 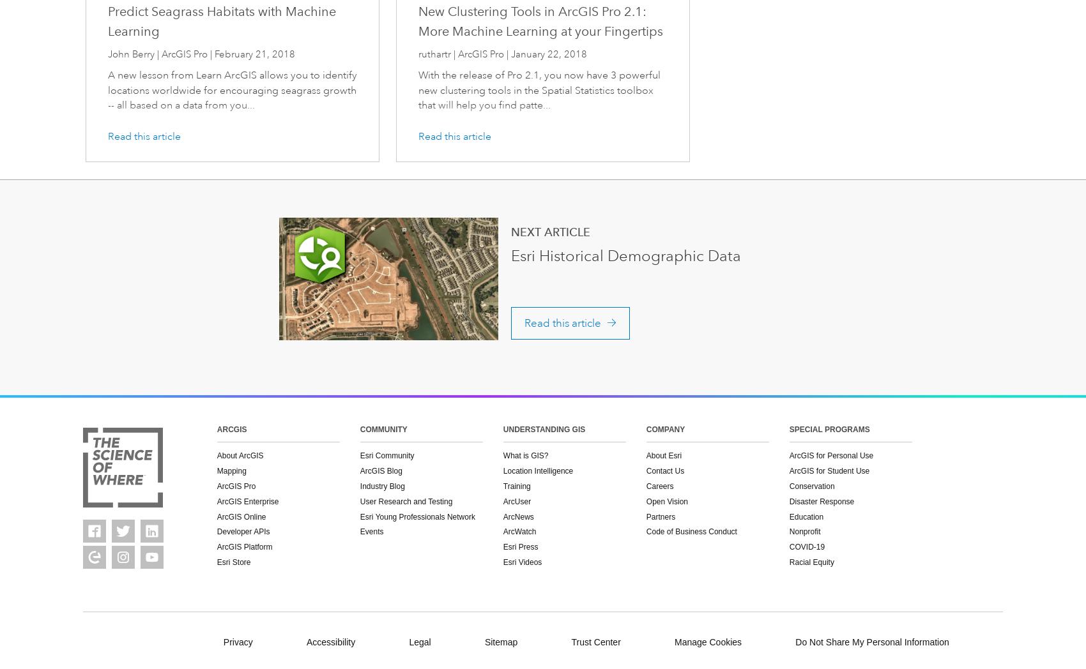 I want to click on 'Special Programs', so click(x=829, y=428).